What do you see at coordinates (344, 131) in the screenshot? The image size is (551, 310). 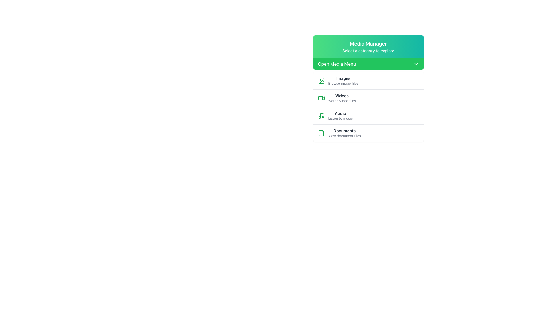 I see `the 'Documents' text label in the 'Media Manager' menu` at bounding box center [344, 131].